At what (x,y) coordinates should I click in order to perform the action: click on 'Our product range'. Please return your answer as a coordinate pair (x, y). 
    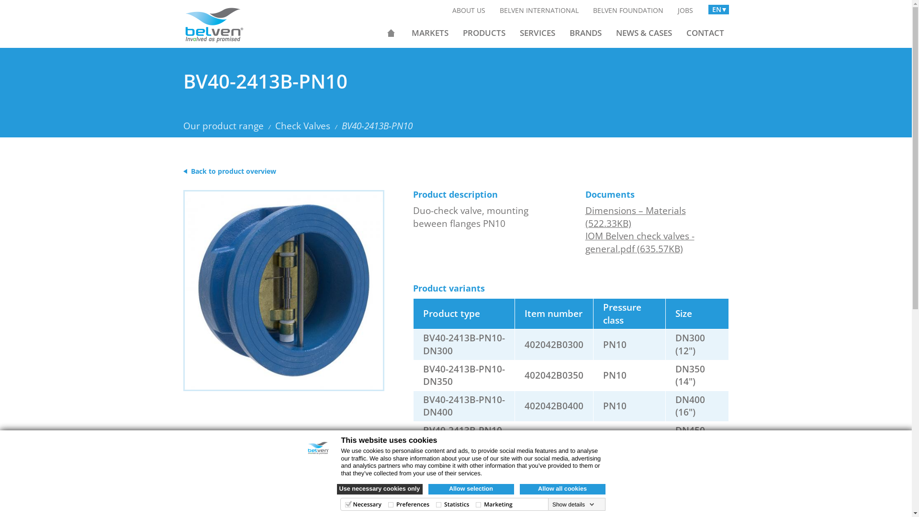
    Looking at the image, I should click on (222, 125).